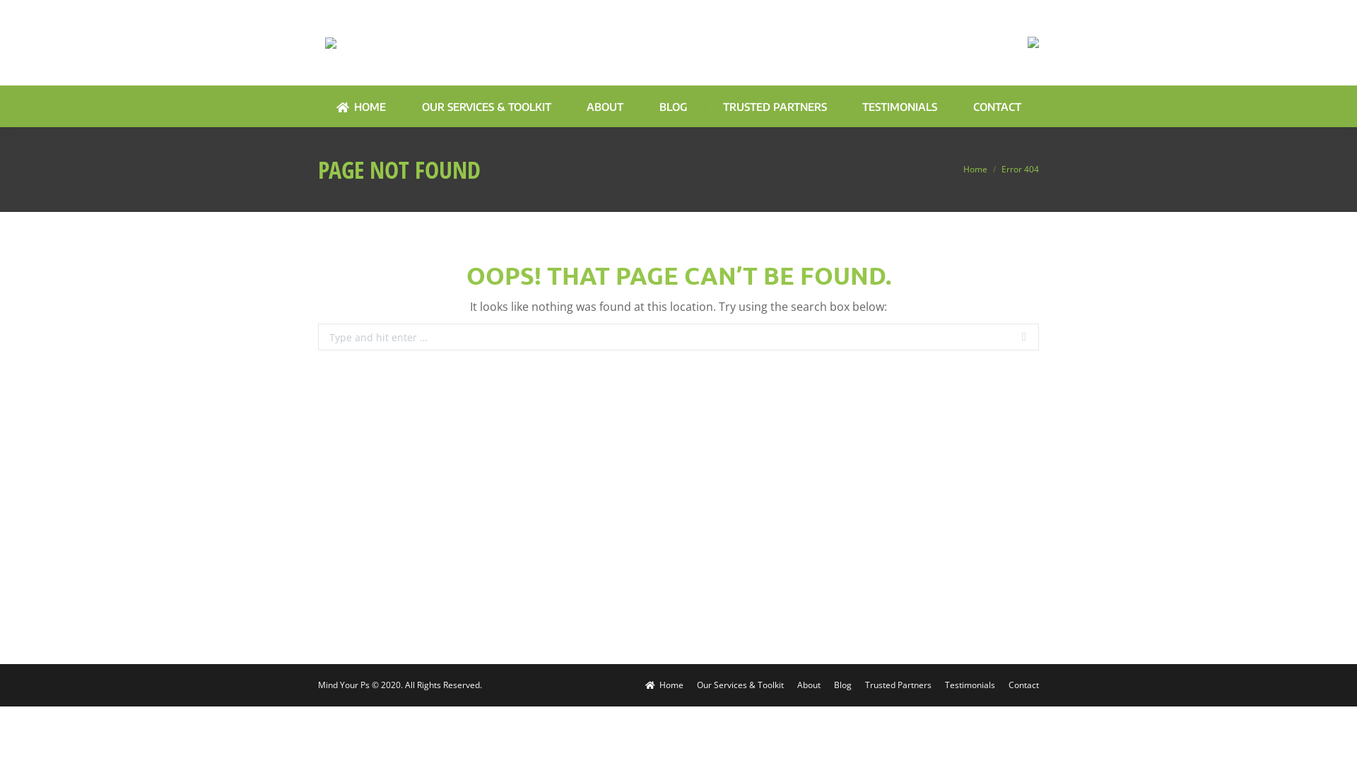 The image size is (1357, 763). What do you see at coordinates (898, 684) in the screenshot?
I see `'Trusted Partners'` at bounding box center [898, 684].